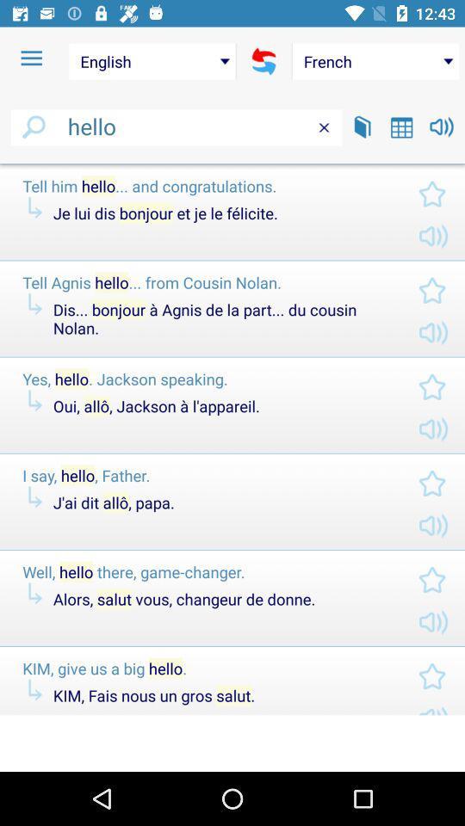 The height and width of the screenshot is (826, 465). What do you see at coordinates (31, 59) in the screenshot?
I see `the icon next to english item` at bounding box center [31, 59].